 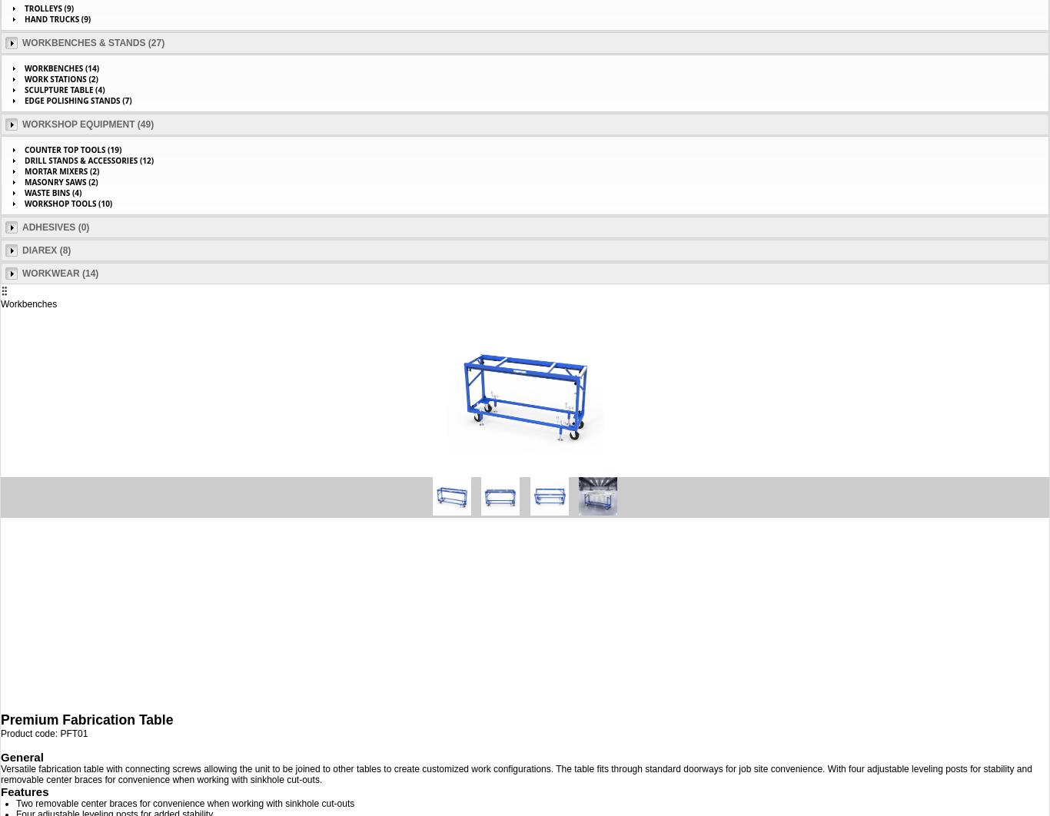 What do you see at coordinates (72, 149) in the screenshot?
I see `'Counter Top Tools (19)'` at bounding box center [72, 149].